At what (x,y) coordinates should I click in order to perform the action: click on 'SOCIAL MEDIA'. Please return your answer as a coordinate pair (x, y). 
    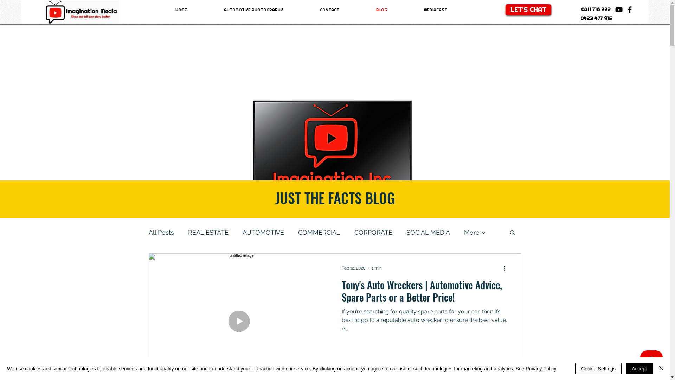
    Looking at the image, I should click on (428, 232).